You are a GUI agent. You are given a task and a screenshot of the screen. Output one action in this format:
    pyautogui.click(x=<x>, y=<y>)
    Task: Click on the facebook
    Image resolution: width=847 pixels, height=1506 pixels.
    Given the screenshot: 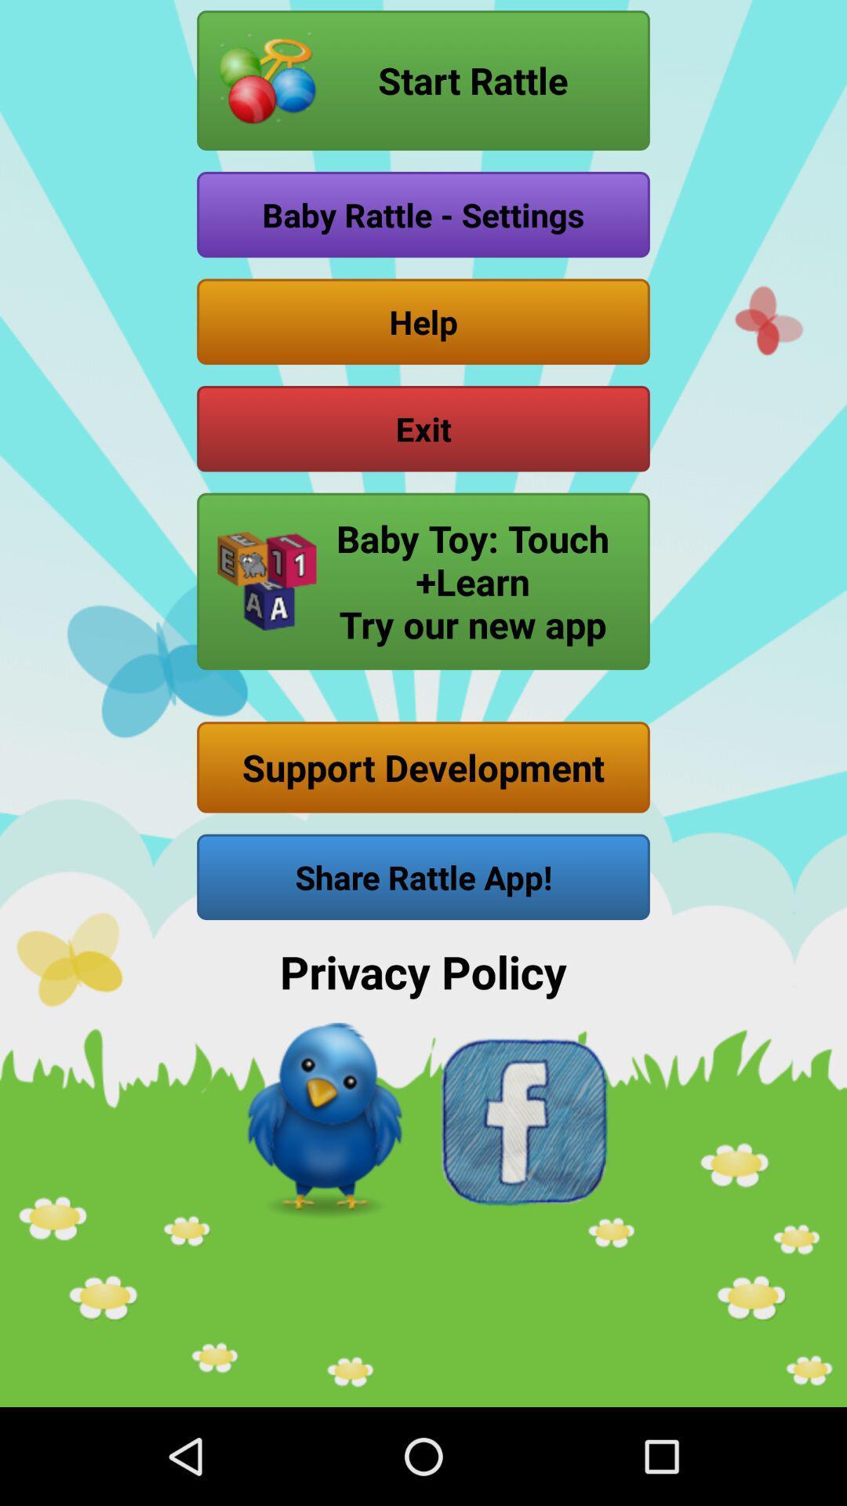 What is the action you would take?
    pyautogui.click(x=522, y=1121)
    